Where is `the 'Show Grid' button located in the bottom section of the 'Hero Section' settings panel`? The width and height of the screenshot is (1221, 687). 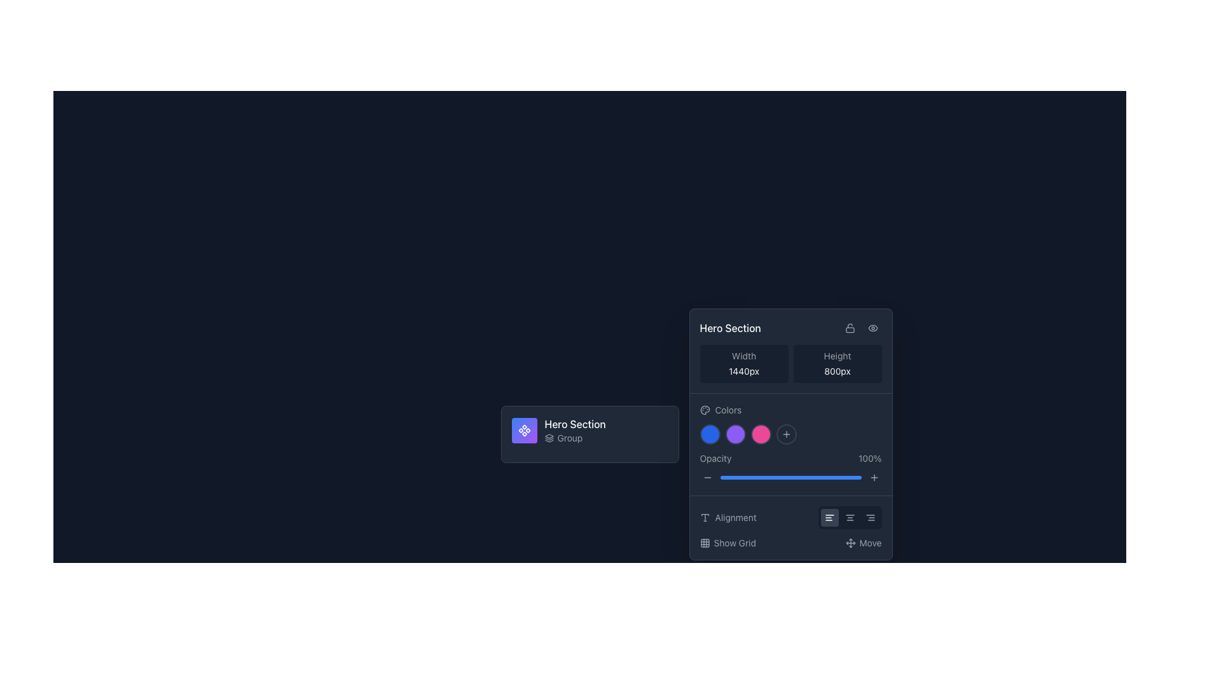 the 'Show Grid' button located in the bottom section of the 'Hero Section' settings panel is located at coordinates (728, 543).